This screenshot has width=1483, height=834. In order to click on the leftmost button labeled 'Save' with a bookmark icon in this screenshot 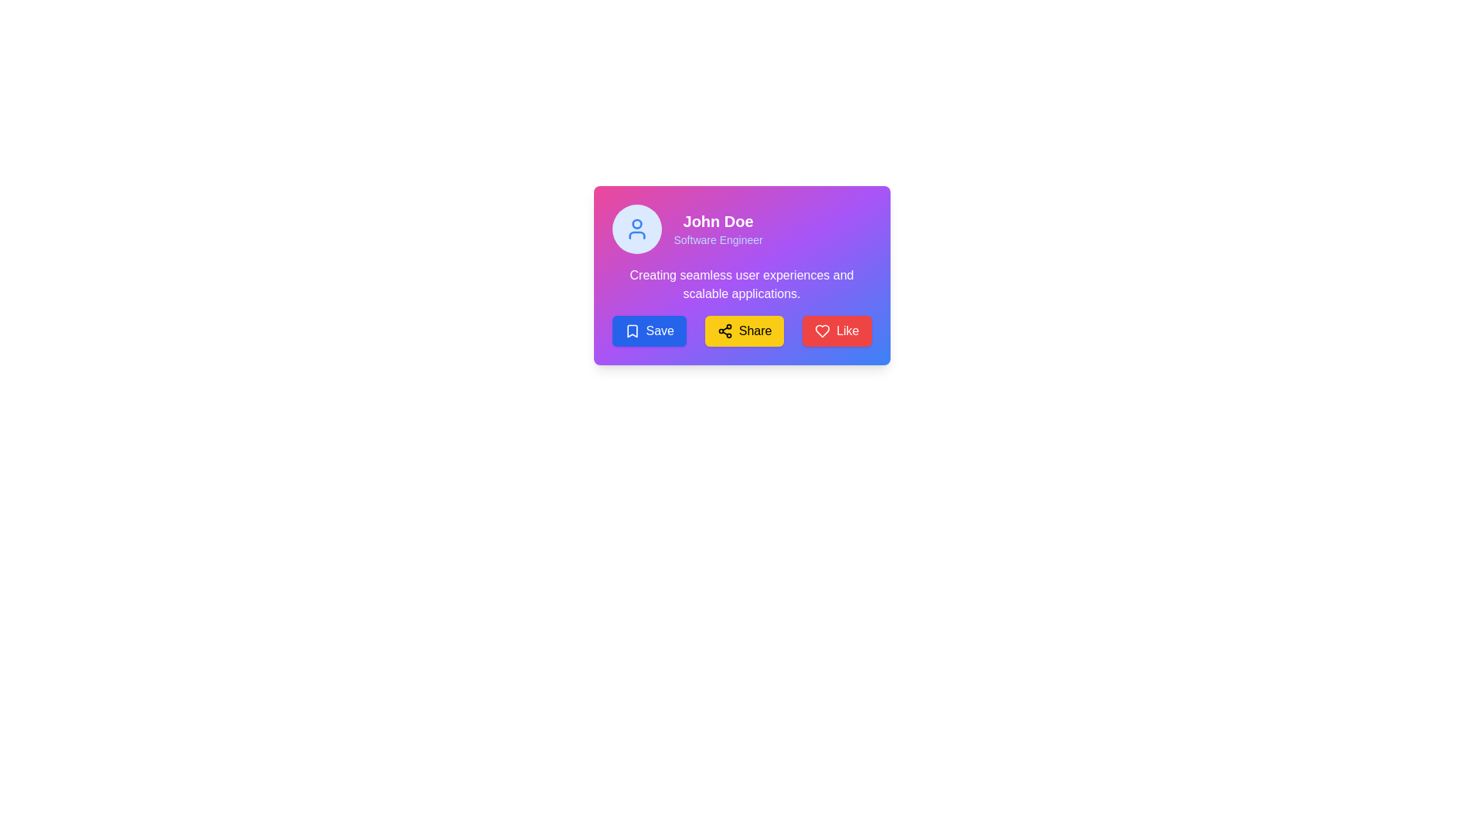, I will do `click(649, 330)`.